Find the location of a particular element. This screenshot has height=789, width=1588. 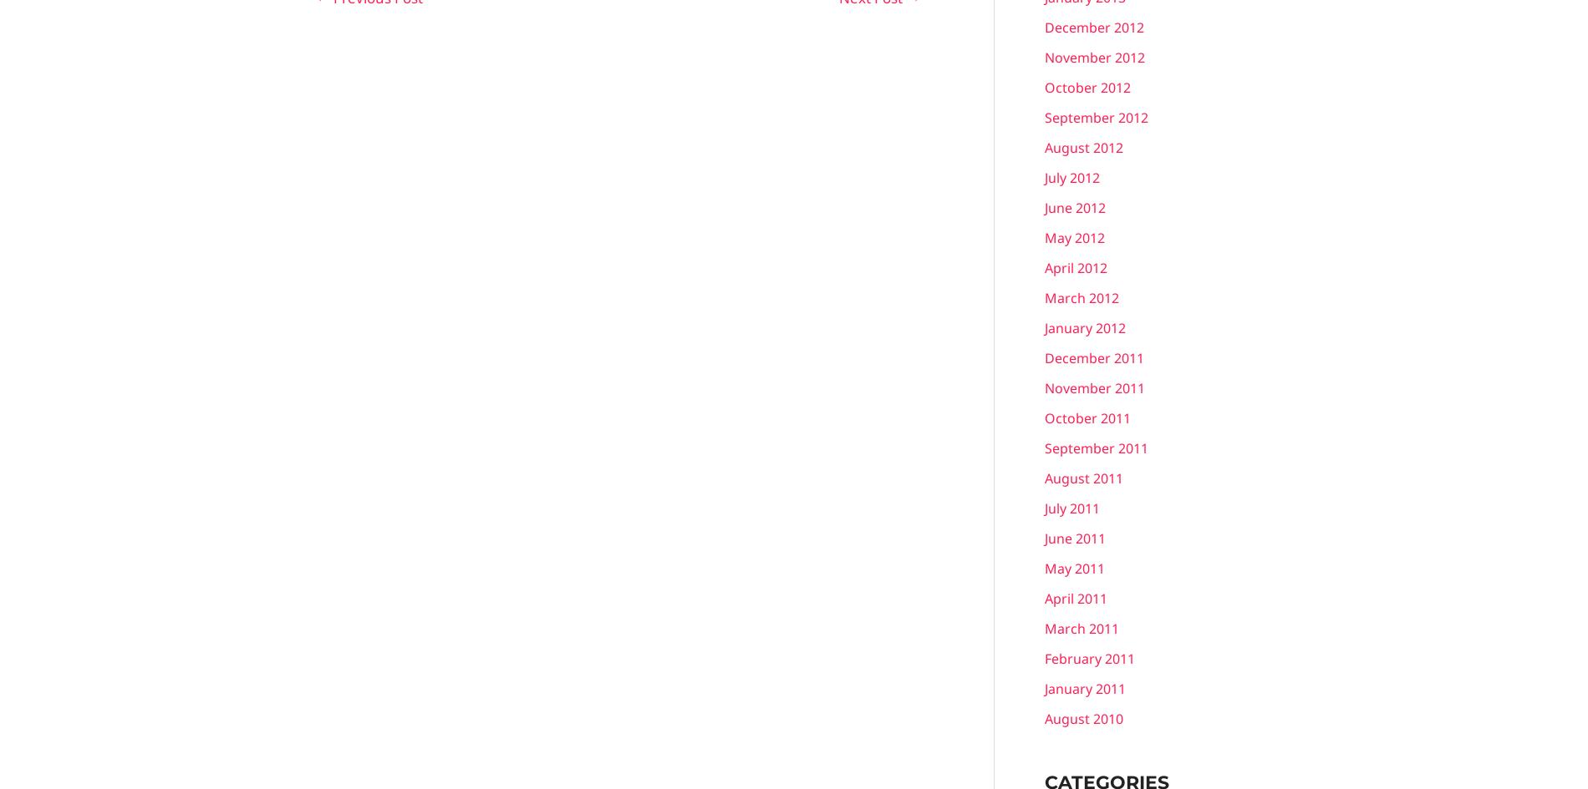

'August 2010' is located at coordinates (1082, 718).